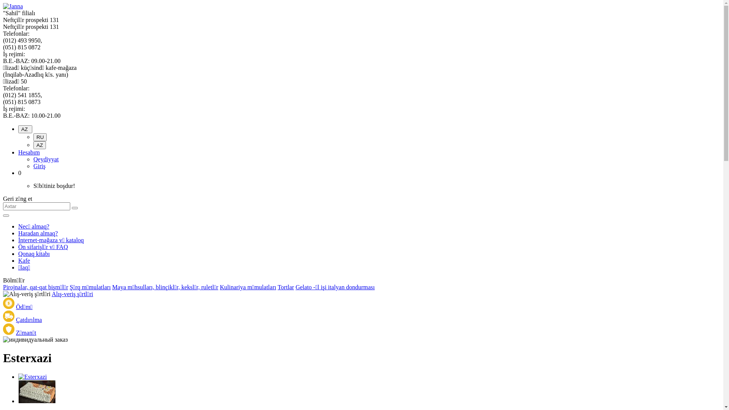 Image resolution: width=729 pixels, height=410 pixels. Describe the element at coordinates (38, 233) in the screenshot. I see `'Haradan almaq?'` at that location.